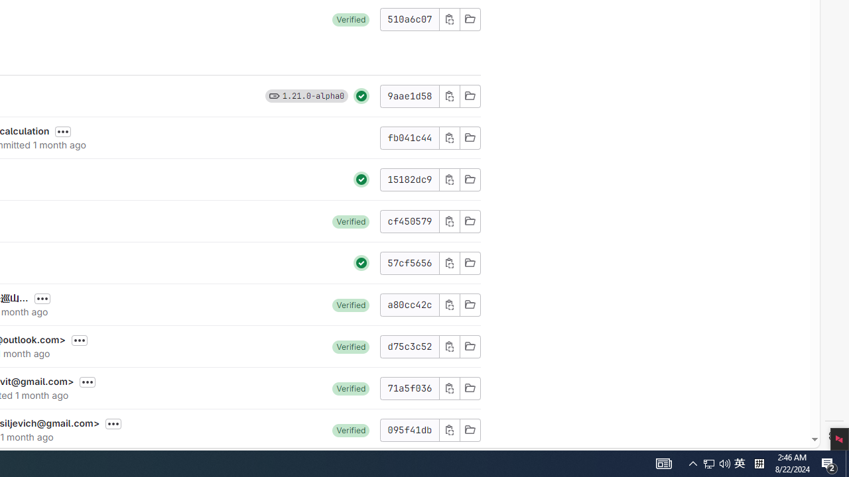 The image size is (849, 477). What do you see at coordinates (312, 95) in the screenshot?
I see `'1.21.0-alpha0'` at bounding box center [312, 95].